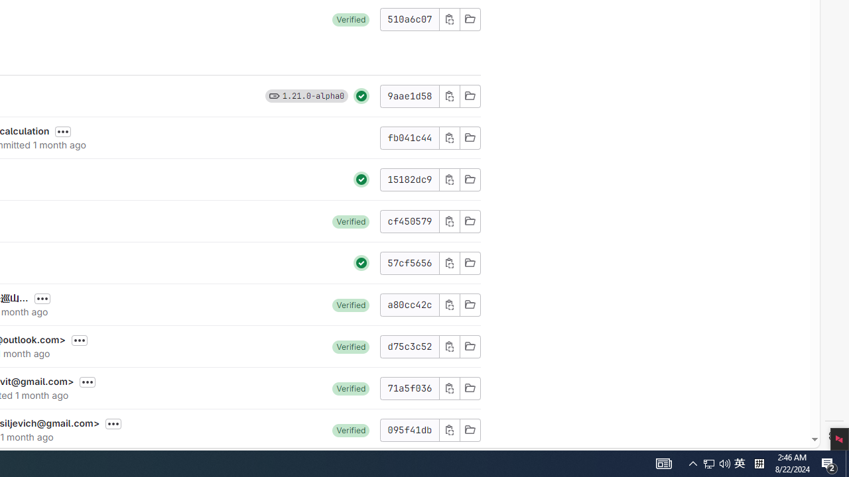 The image size is (849, 477). What do you see at coordinates (312, 95) in the screenshot?
I see `'1.21.0-alpha0'` at bounding box center [312, 95].